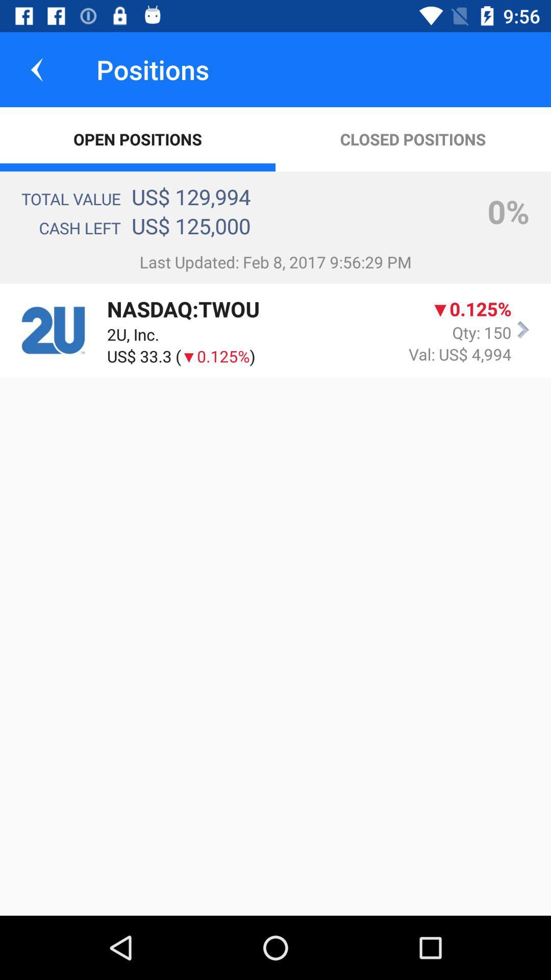 The height and width of the screenshot is (980, 551). What do you see at coordinates (37, 69) in the screenshot?
I see `item above the open positions` at bounding box center [37, 69].